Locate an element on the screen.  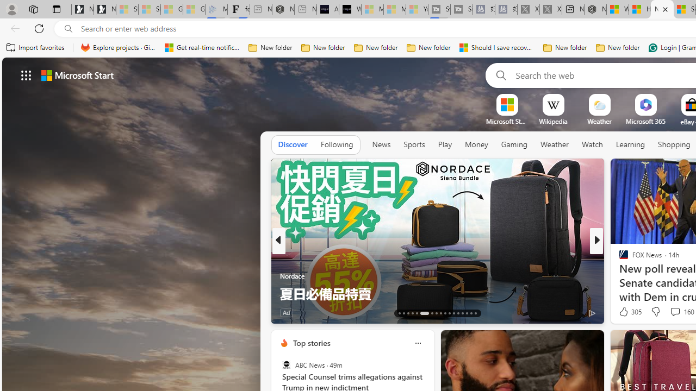
'View comments 160 Comment' is located at coordinates (674, 311).